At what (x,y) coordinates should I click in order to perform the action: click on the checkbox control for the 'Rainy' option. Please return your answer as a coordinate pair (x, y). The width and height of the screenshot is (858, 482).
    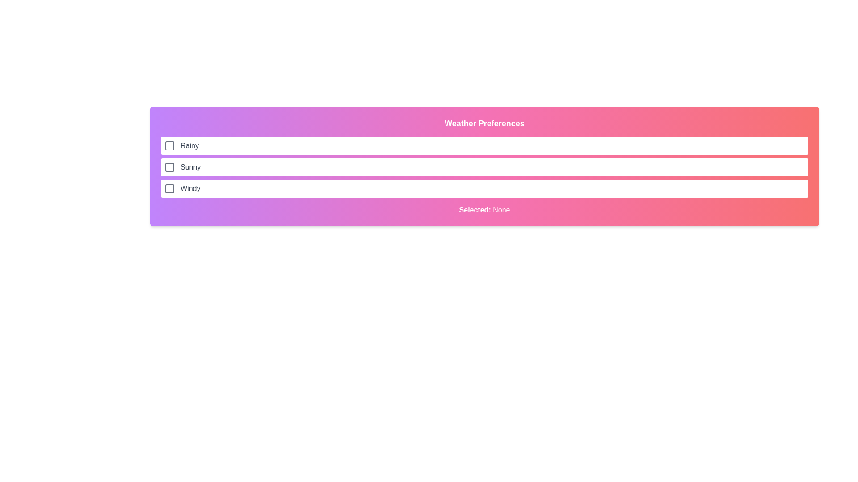
    Looking at the image, I should click on (169, 145).